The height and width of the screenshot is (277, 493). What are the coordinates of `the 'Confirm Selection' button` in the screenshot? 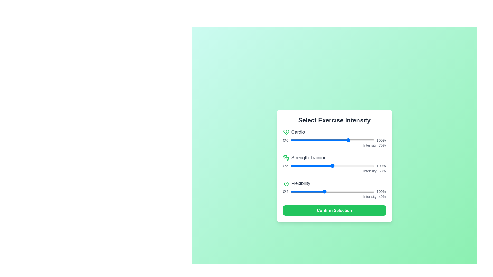 It's located at (334, 211).